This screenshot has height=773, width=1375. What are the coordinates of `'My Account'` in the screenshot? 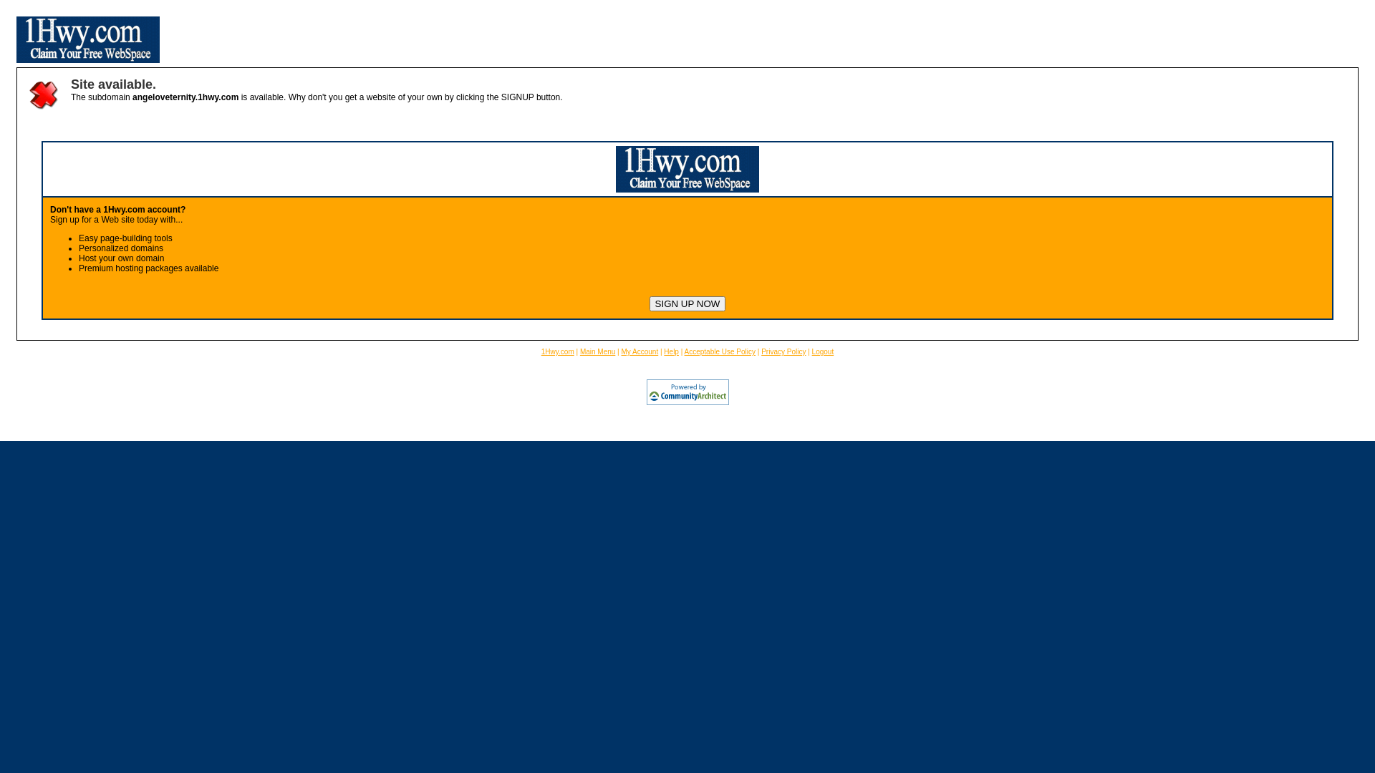 It's located at (639, 351).